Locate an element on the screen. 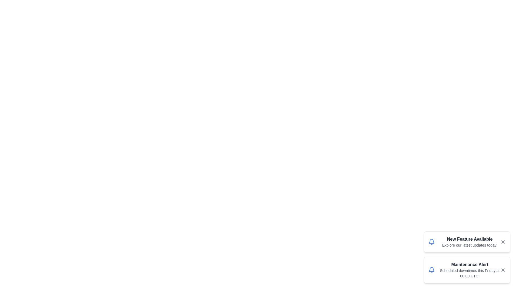 The height and width of the screenshot is (292, 519). the notification panel area to observe hover effects is located at coordinates (467, 257).